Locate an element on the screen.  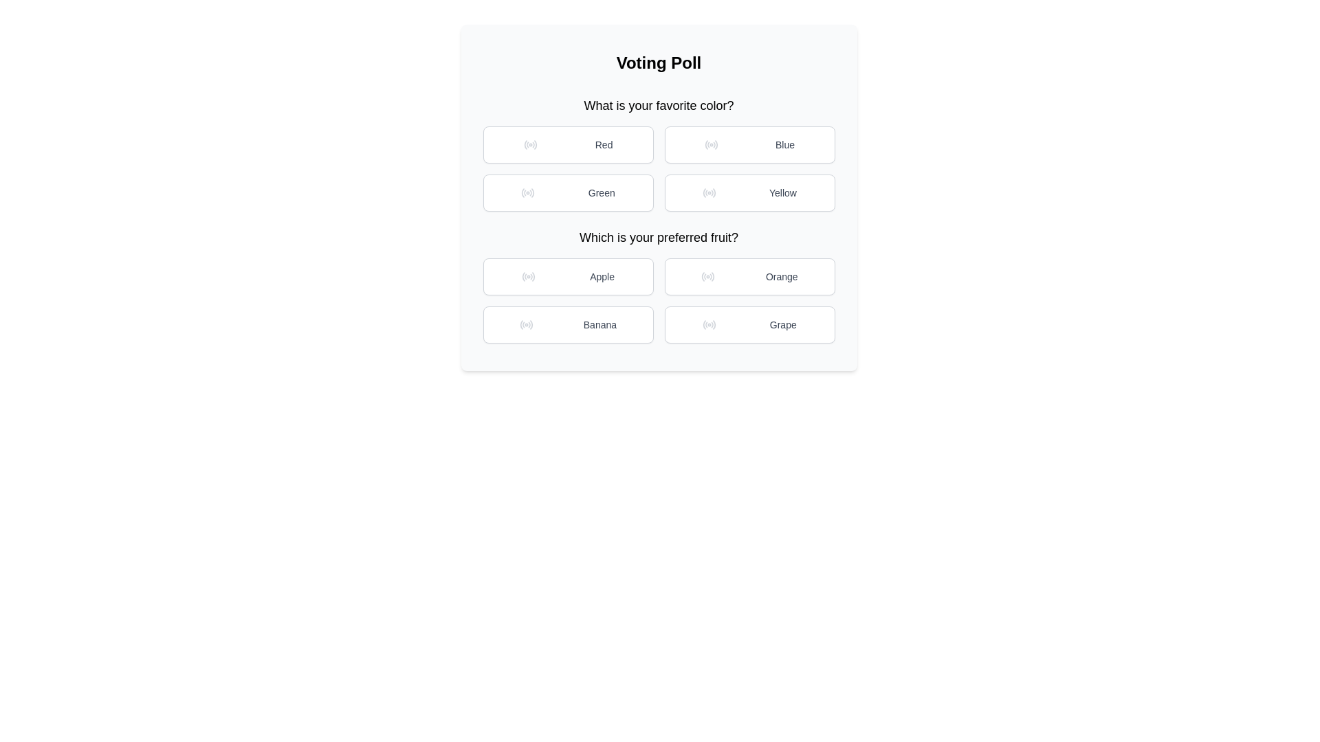
text of the label displaying 'Red', which is located in the first button at the top-left corner under the heading 'What is your favorite color?' is located at coordinates (604, 145).